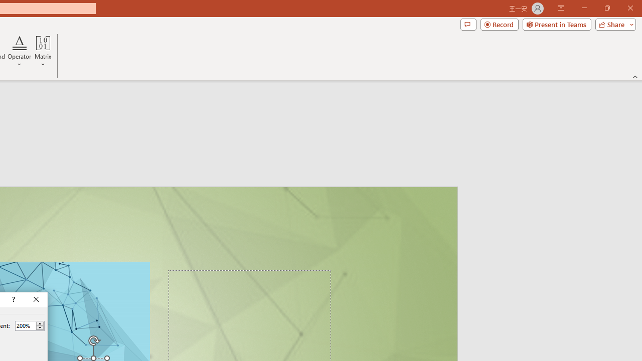 Image resolution: width=642 pixels, height=361 pixels. What do you see at coordinates (25, 325) in the screenshot?
I see `'Percent'` at bounding box center [25, 325].